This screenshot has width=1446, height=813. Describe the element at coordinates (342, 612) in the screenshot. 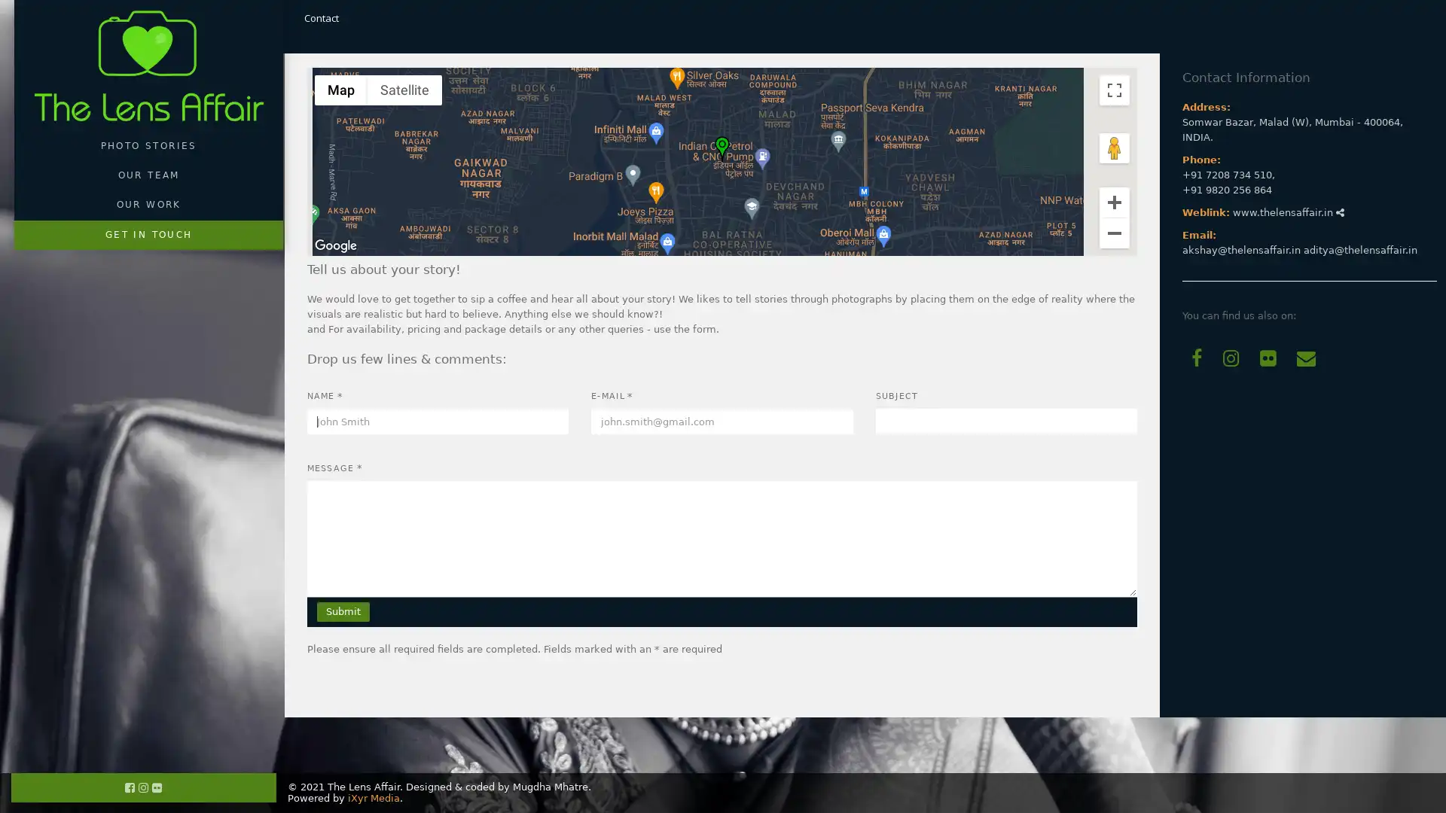

I see `Submit` at that location.